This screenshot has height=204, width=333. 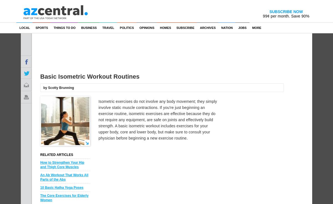 I want to click on 'by Scotty Brunning', so click(x=58, y=88).